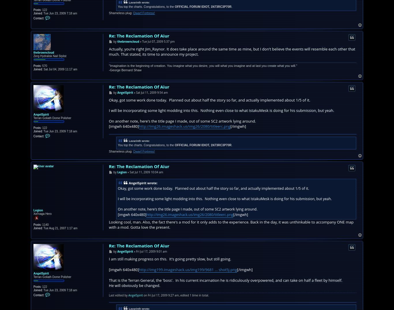  I want to click on 'That is the Terran General, the 'boss'.  In his current incarnation he is ridiculously overpowered, and can take on half a fleet by himself.', so click(108, 280).